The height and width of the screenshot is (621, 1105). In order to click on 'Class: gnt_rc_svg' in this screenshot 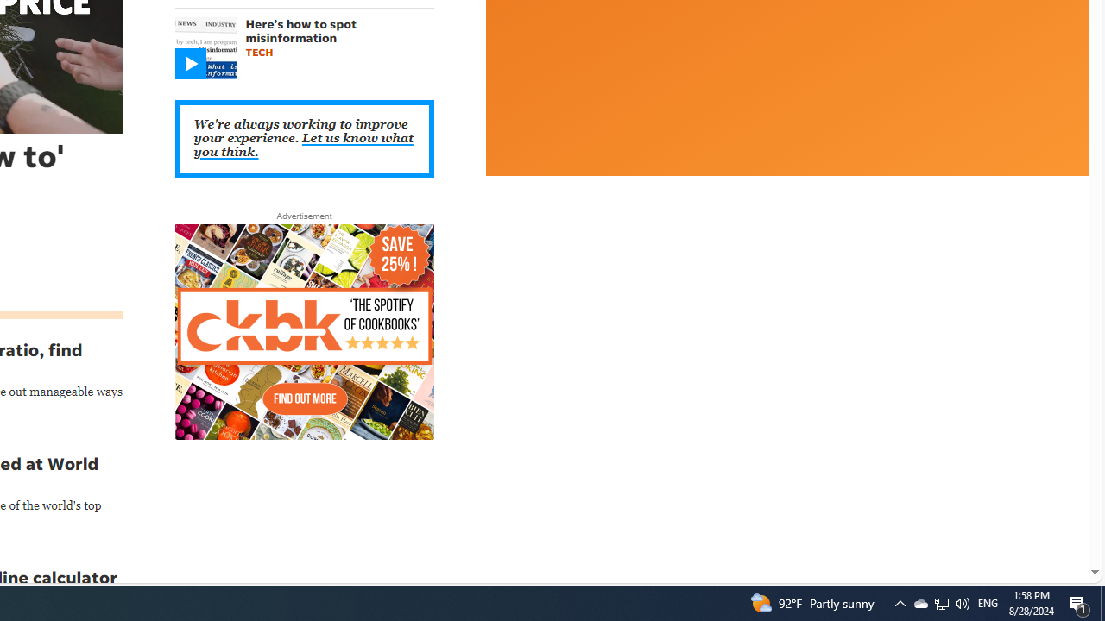, I will do `click(190, 63)`.